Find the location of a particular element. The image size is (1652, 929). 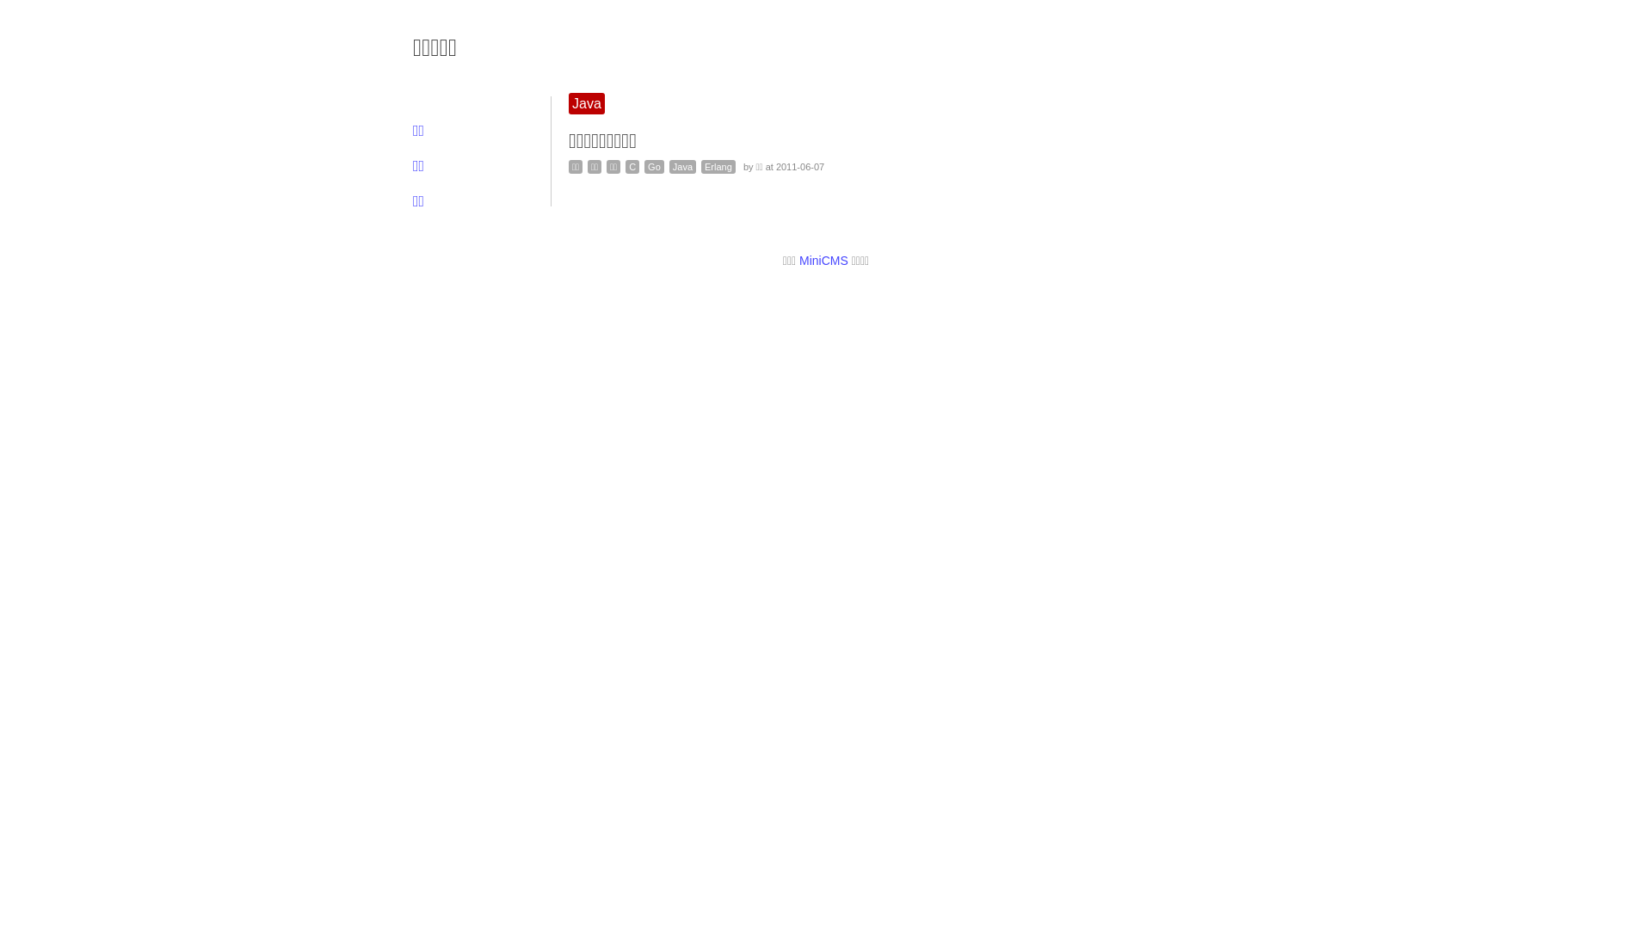

'Java' is located at coordinates (681, 166).